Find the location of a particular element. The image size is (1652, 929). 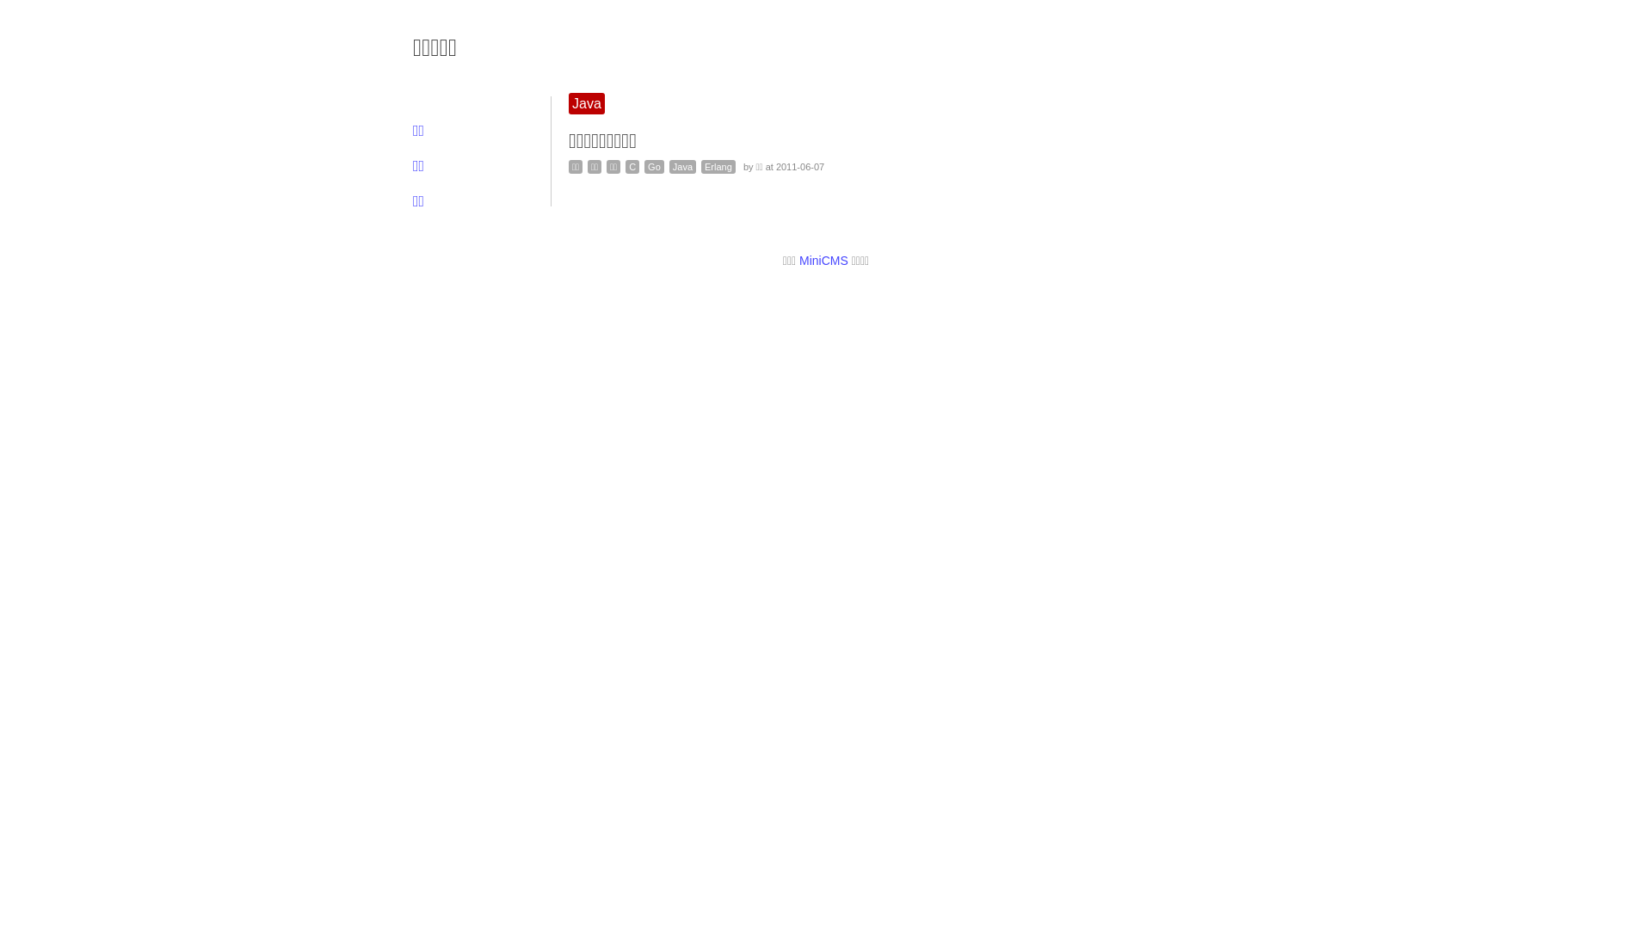

'Java' is located at coordinates (681, 166).